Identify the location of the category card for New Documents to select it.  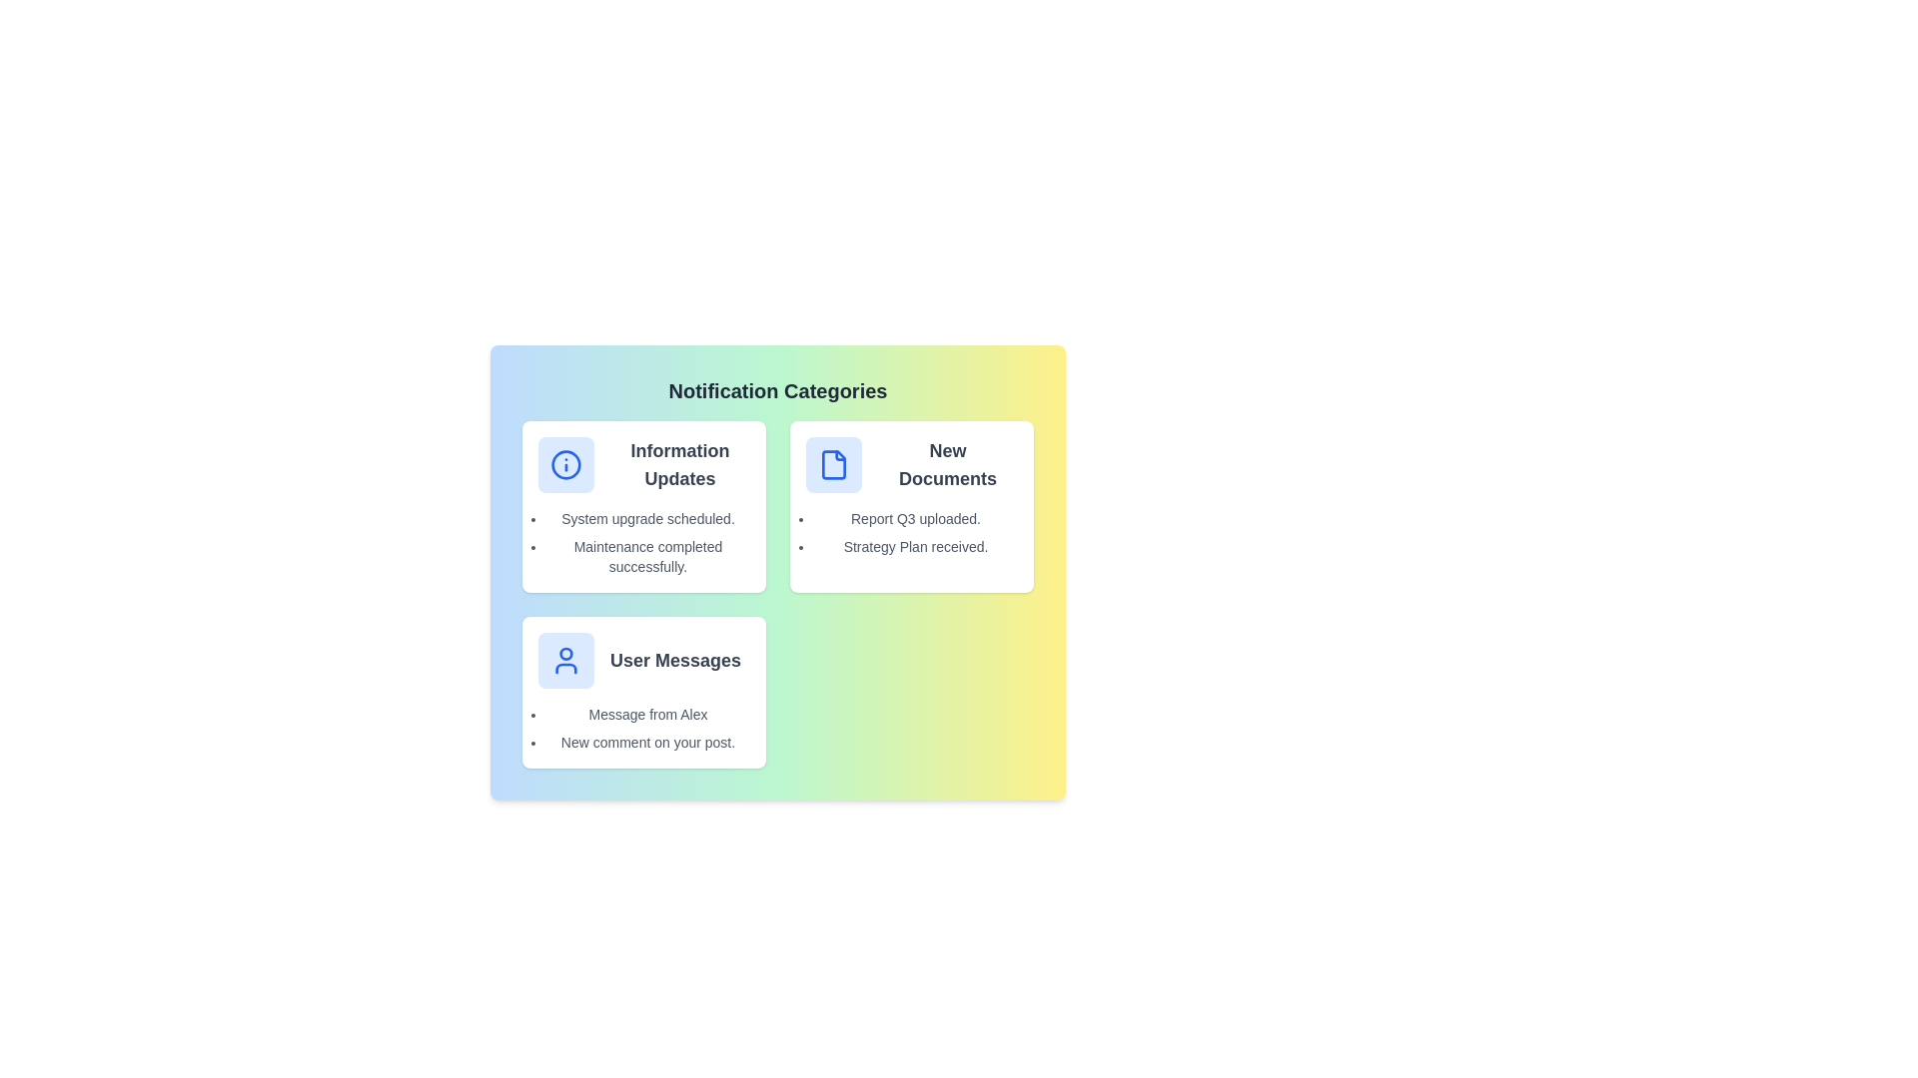
(910, 506).